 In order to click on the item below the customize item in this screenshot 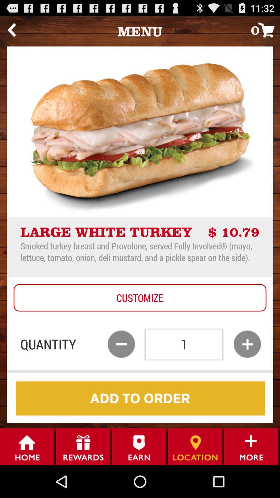, I will do `click(121, 344)`.